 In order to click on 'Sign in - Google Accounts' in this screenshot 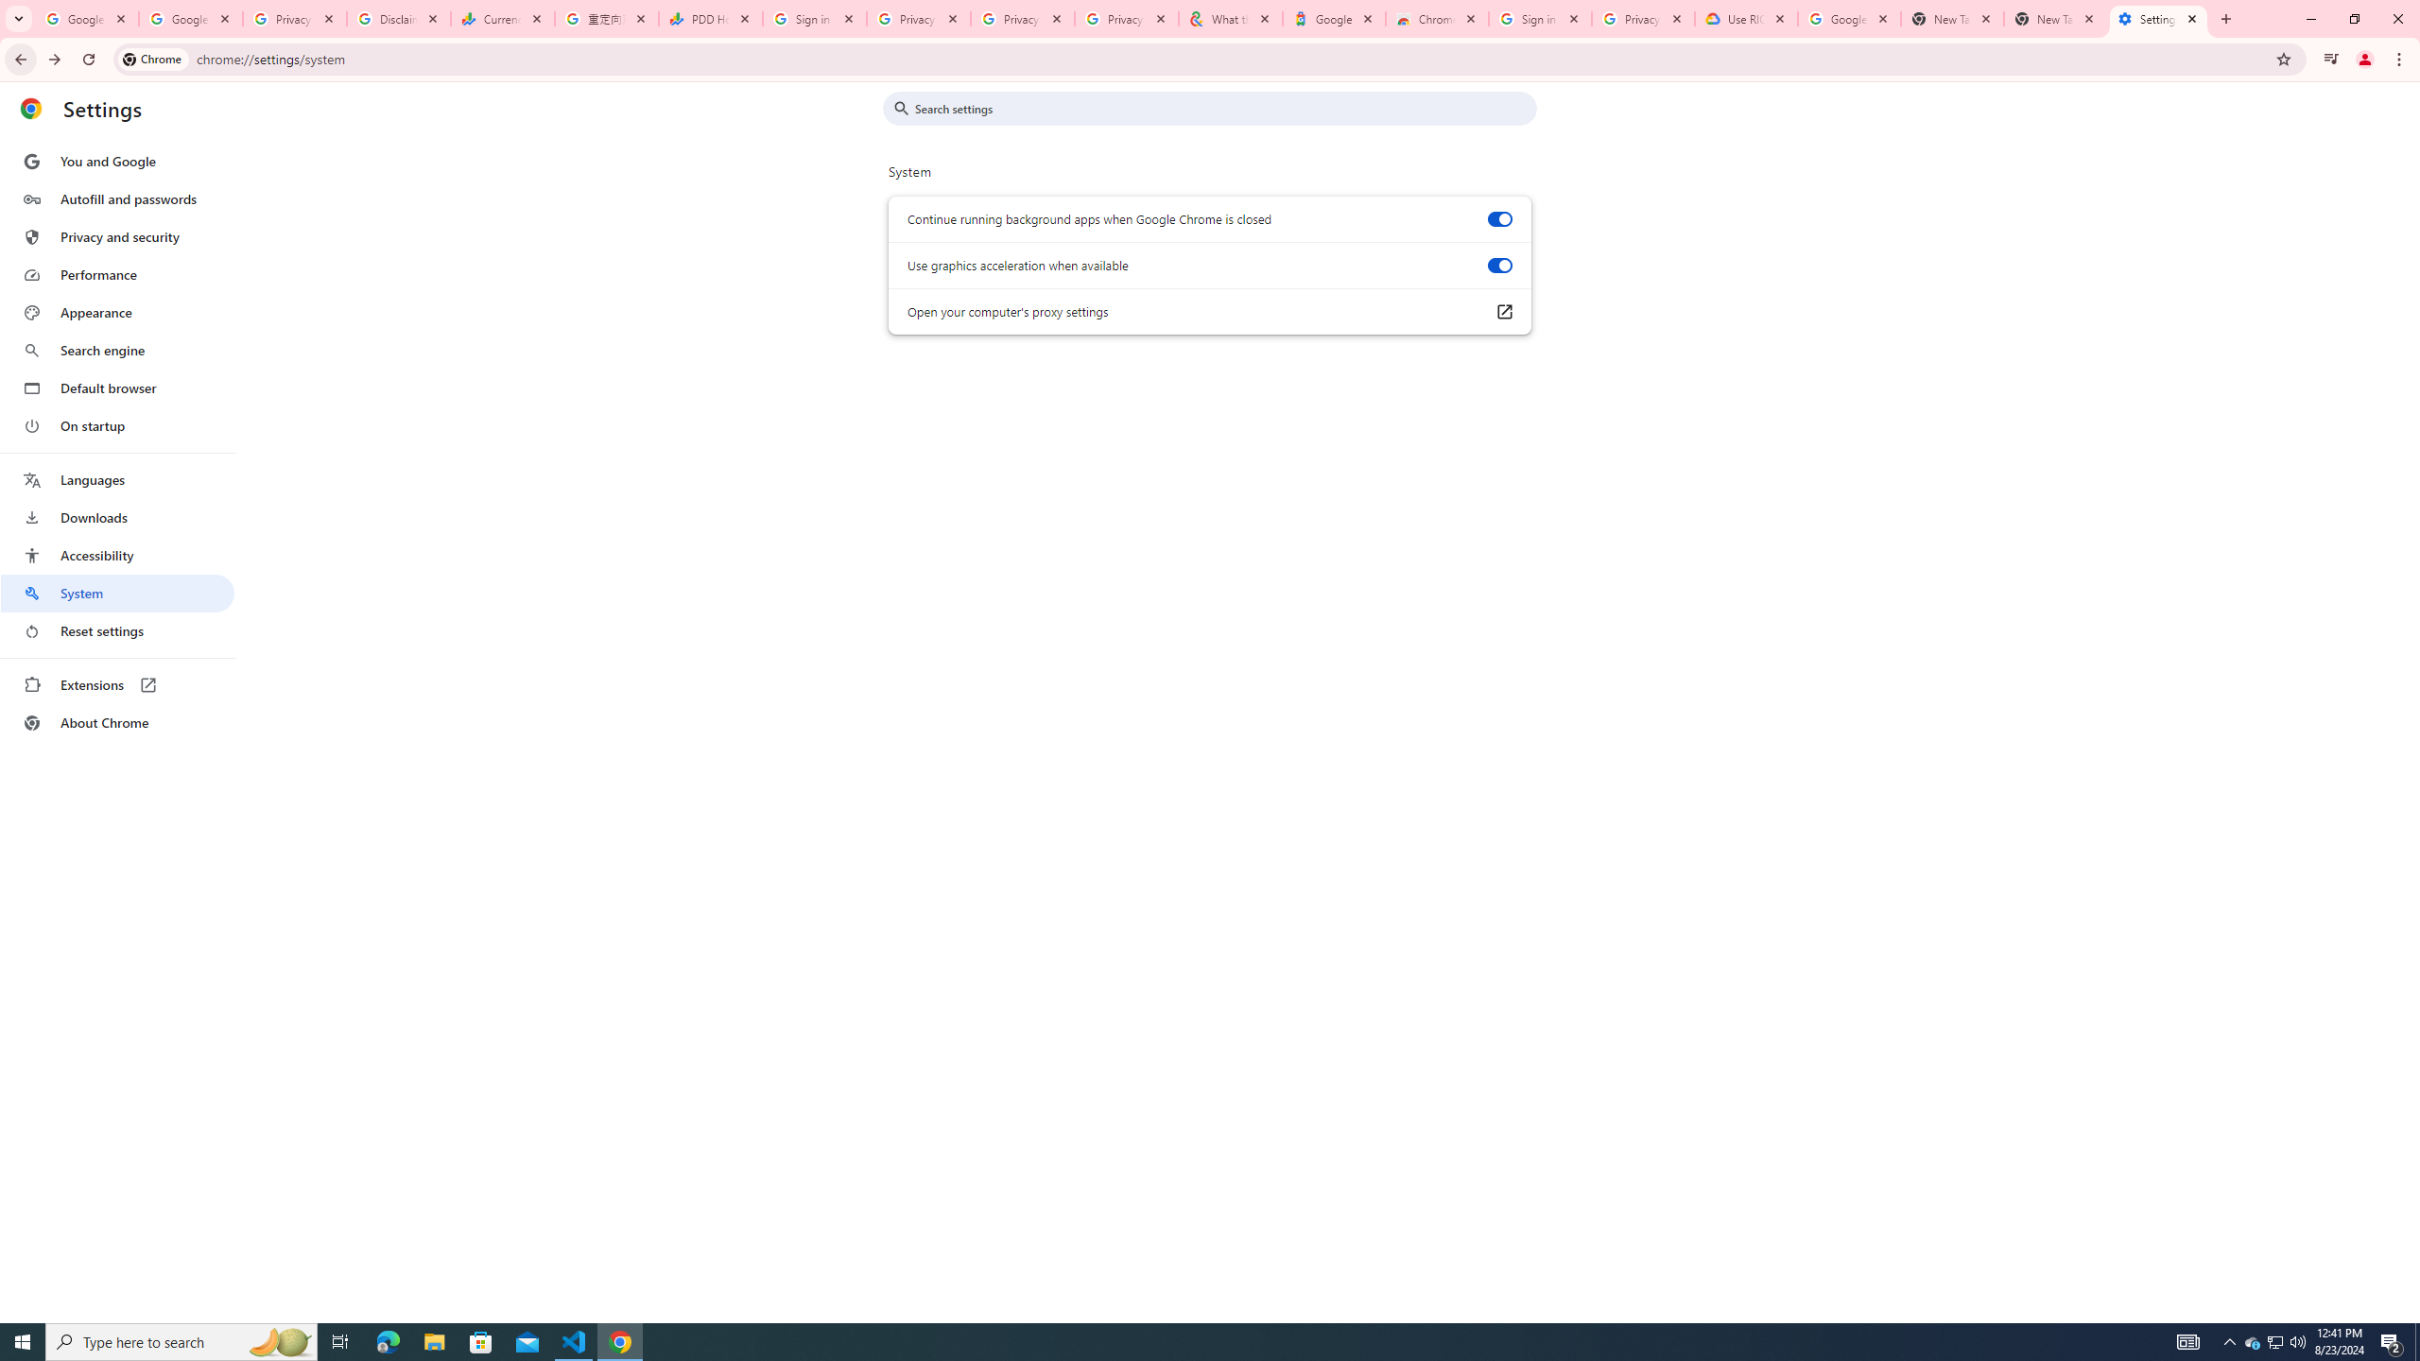, I will do `click(1539, 18)`.